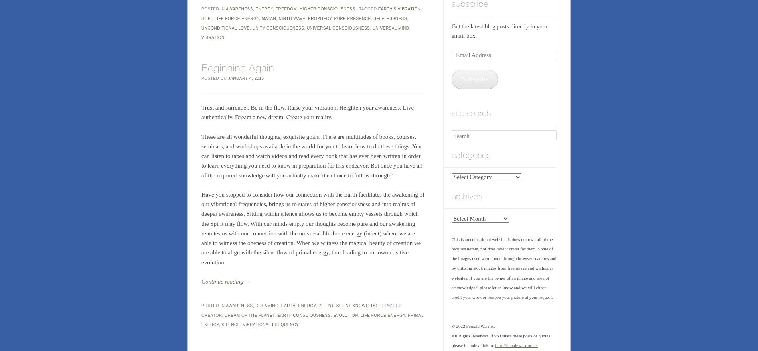  I want to click on 'Subscribe', so click(474, 79).